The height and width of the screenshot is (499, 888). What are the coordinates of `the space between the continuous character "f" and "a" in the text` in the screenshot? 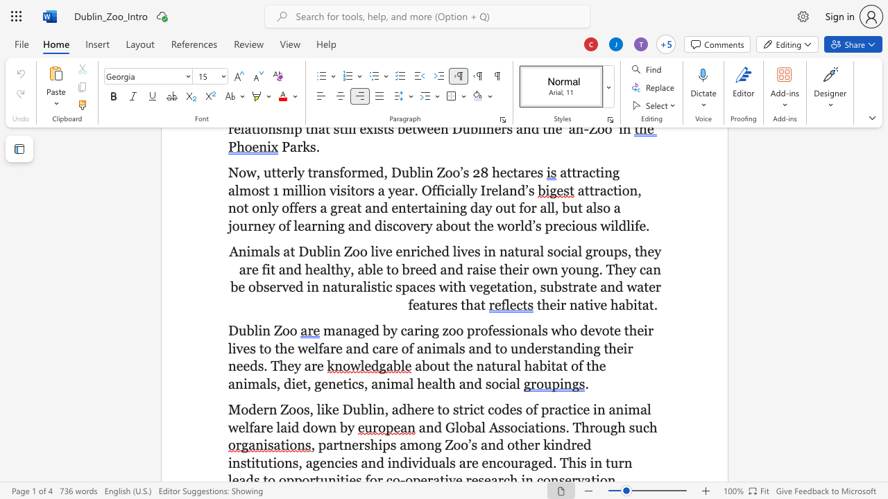 It's located at (323, 347).